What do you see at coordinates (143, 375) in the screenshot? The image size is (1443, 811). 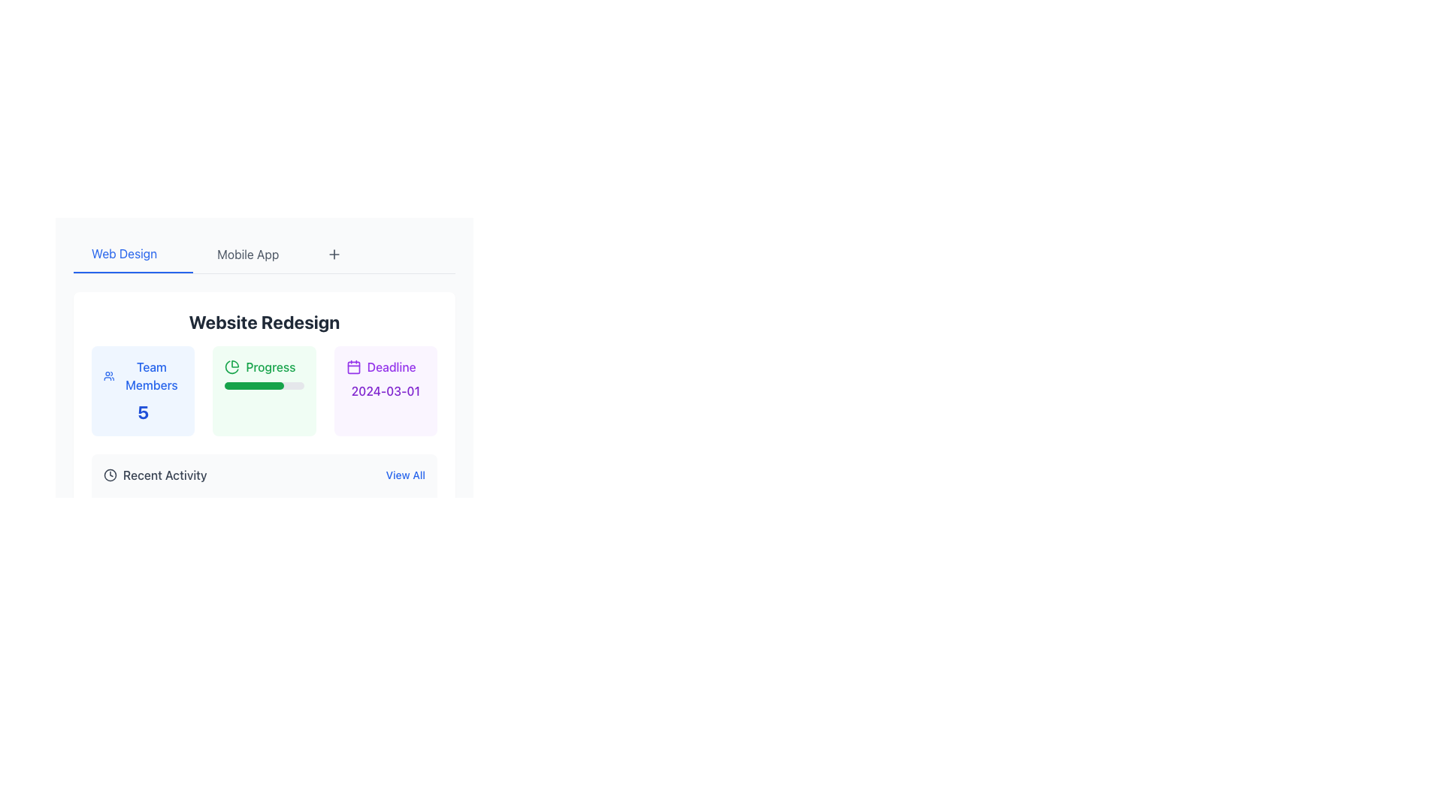 I see `text label located in the 'Team Members' section, positioned to the left of the bold number '5'` at bounding box center [143, 375].